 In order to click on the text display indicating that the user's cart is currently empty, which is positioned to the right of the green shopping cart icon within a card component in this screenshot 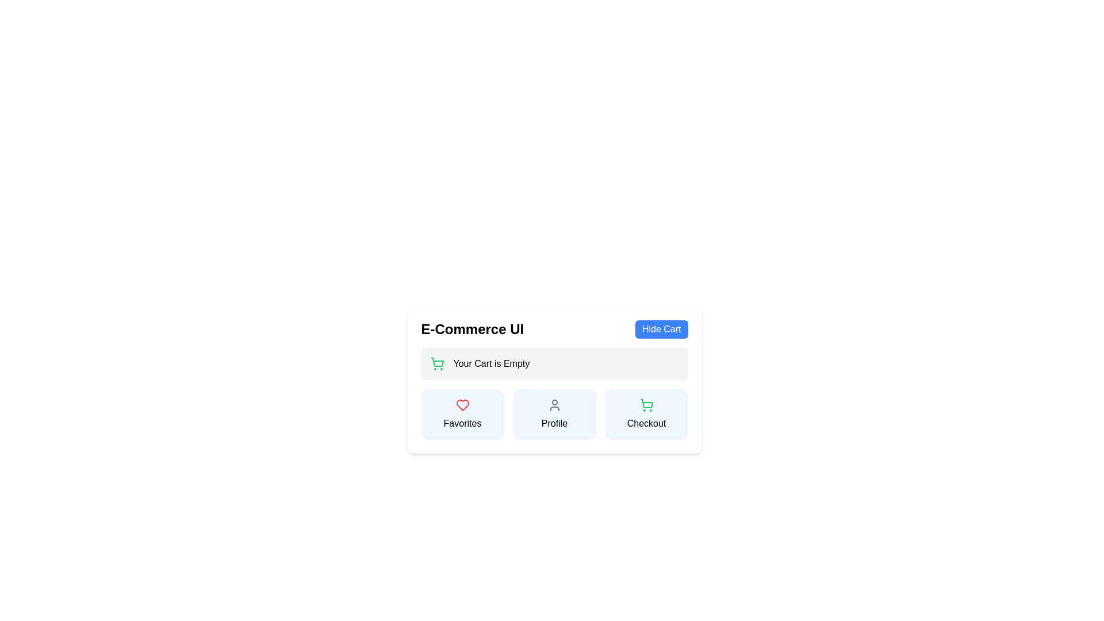, I will do `click(491, 363)`.